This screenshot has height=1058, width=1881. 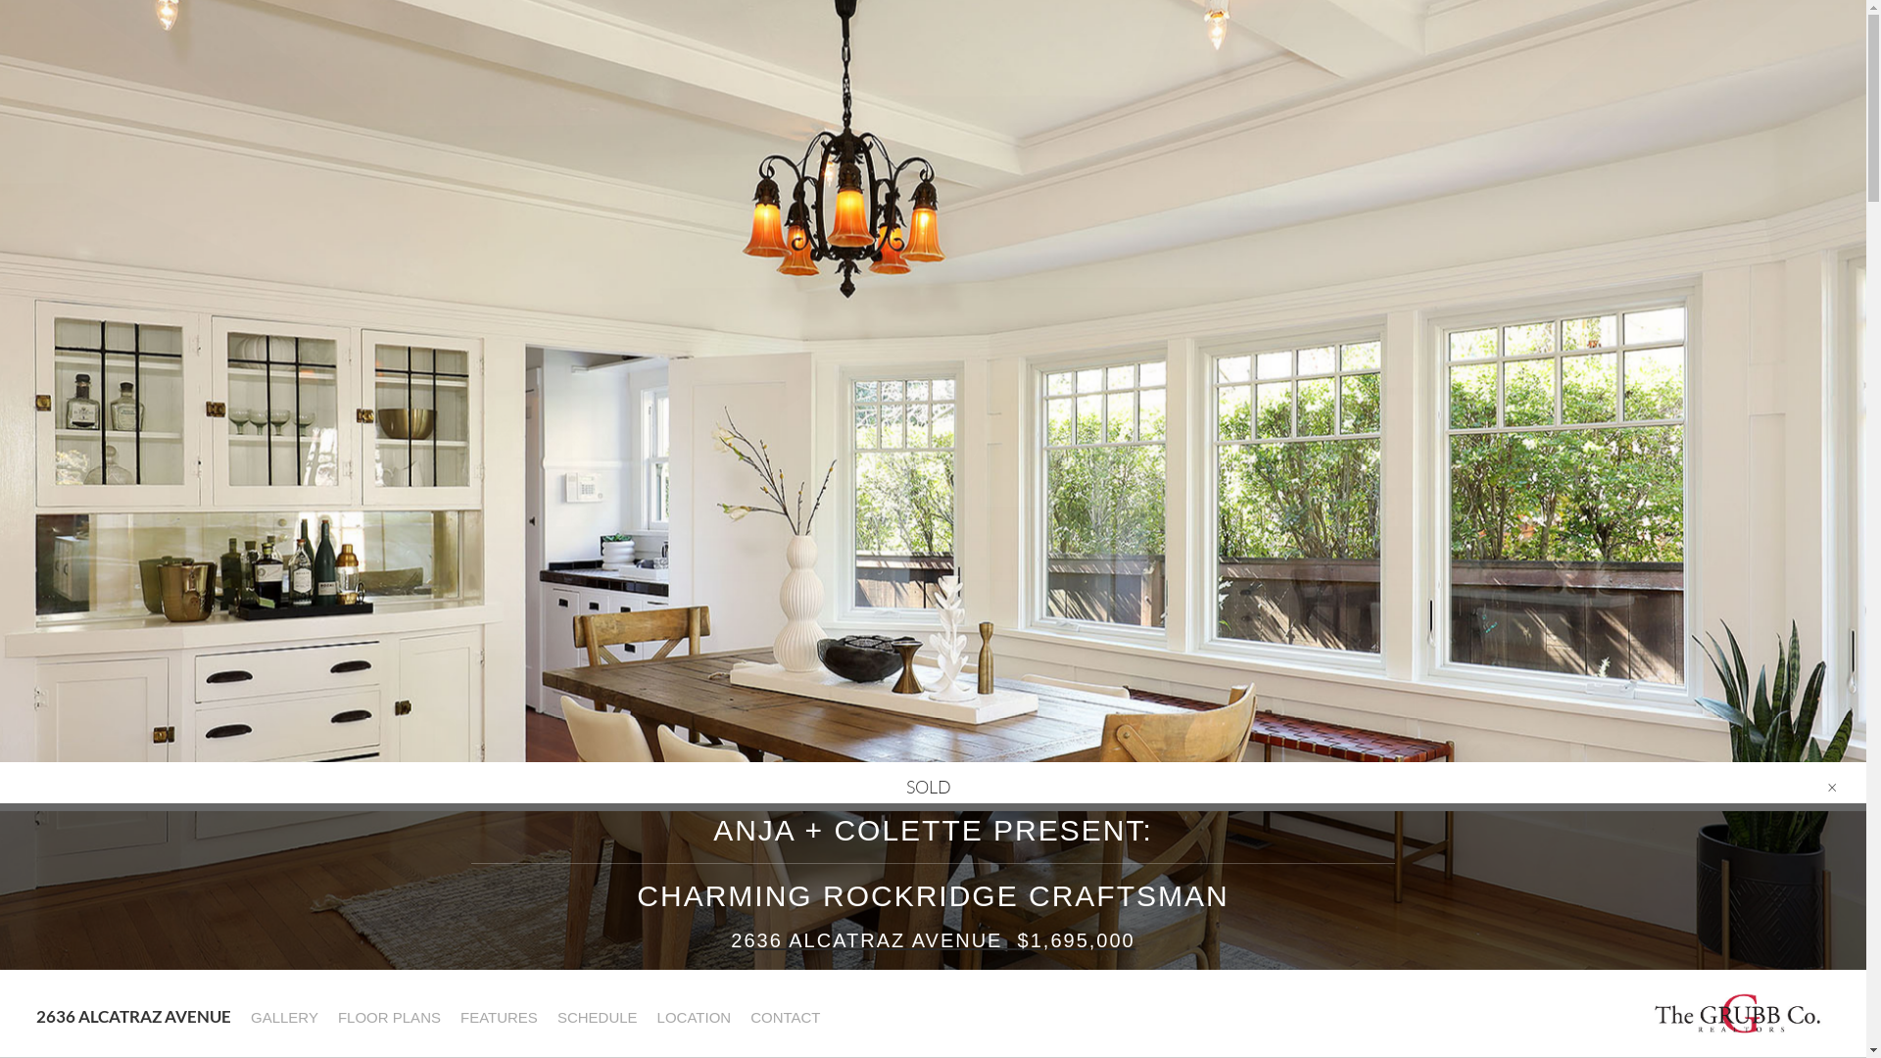 What do you see at coordinates (282, 1016) in the screenshot?
I see `'GALLERY'` at bounding box center [282, 1016].